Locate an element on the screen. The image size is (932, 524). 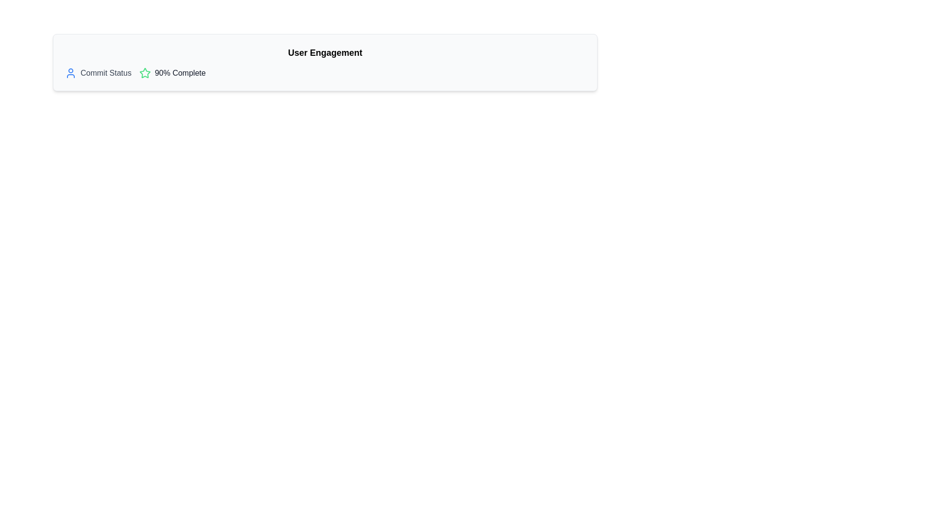
the text label indicating progress, which displays '90% Complete' and is located to the right of a green star icon is located at coordinates (180, 72).